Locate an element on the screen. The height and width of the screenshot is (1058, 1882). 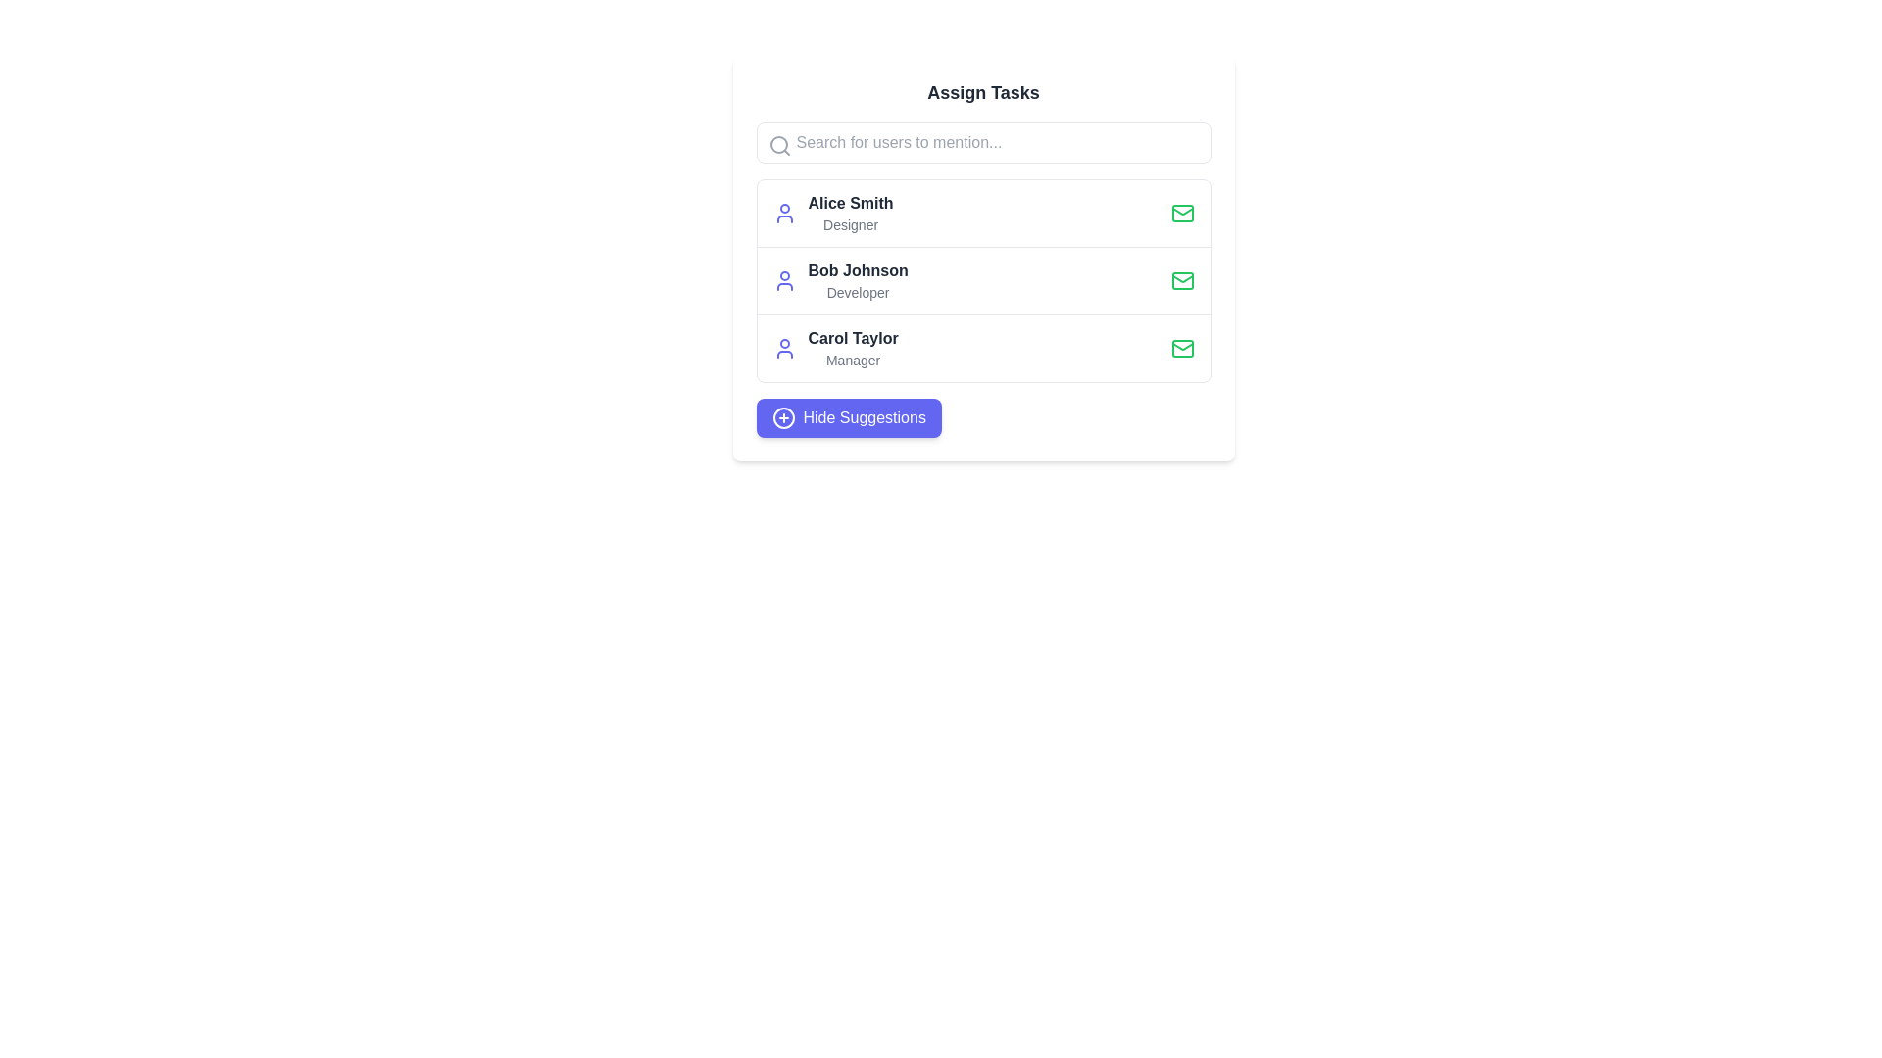
the Text Display element that shows the name and role of an individual, positioned as the third item in a vertical list, between 'Bob Johnson' and other items, with a user icon on the left and a mail icon on the right is located at coordinates (853, 347).